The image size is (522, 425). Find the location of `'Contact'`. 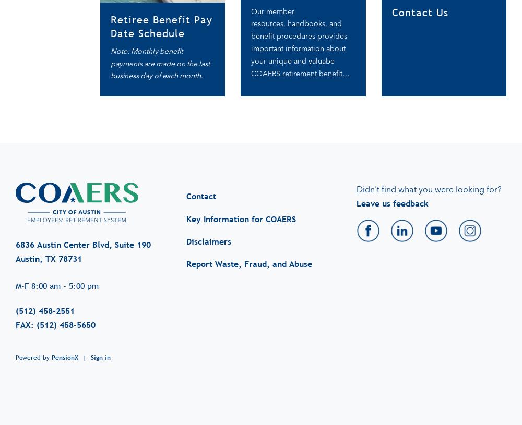

'Contact' is located at coordinates (200, 185).